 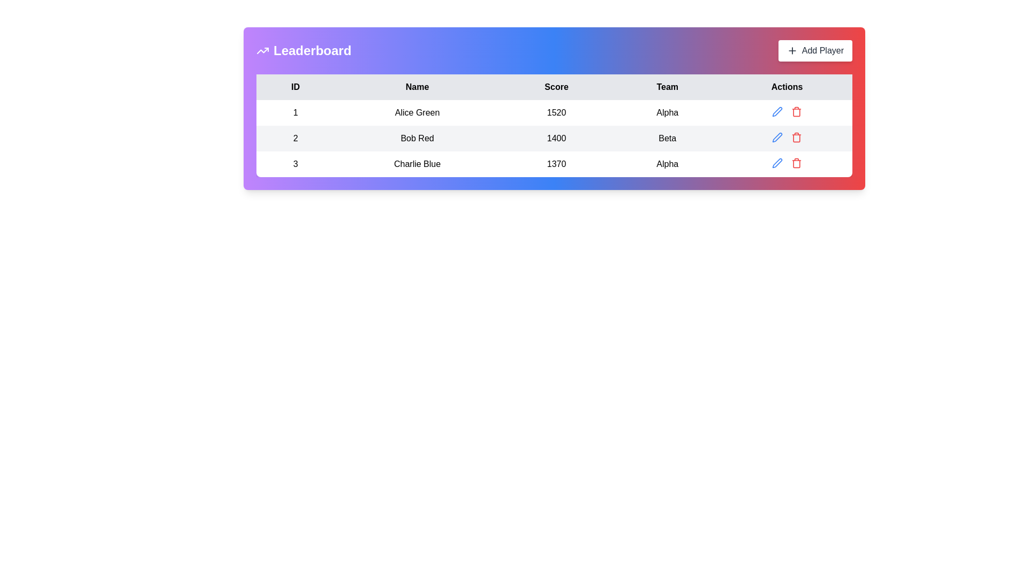 What do you see at coordinates (667, 164) in the screenshot?
I see `the text label displaying 'Alpha' in black font, located in the 'Team' column of the third row in the leaderboard table` at bounding box center [667, 164].